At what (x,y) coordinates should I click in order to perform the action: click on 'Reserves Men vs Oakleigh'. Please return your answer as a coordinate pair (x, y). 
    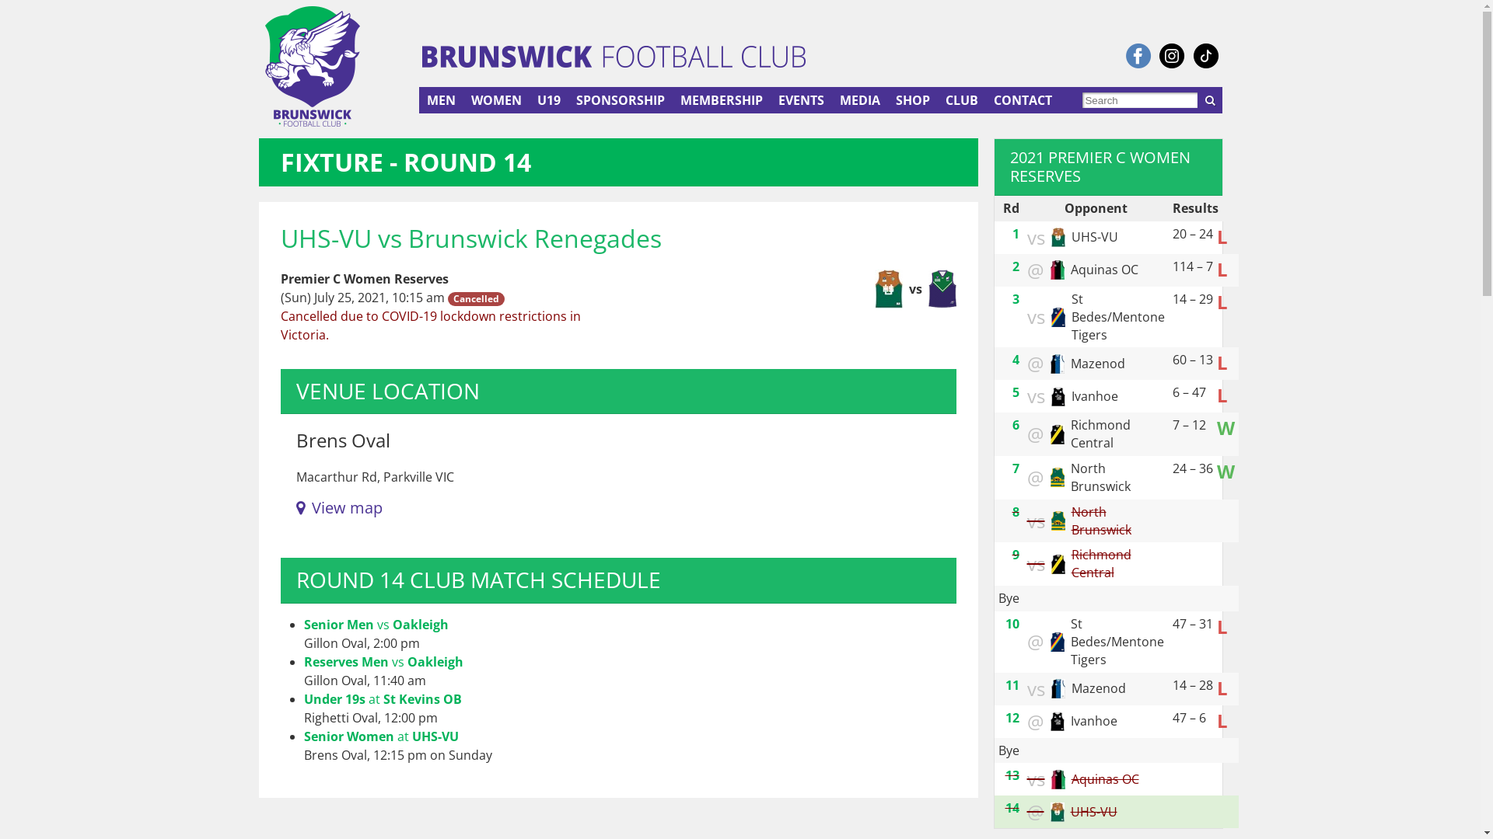
    Looking at the image, I should click on (302, 662).